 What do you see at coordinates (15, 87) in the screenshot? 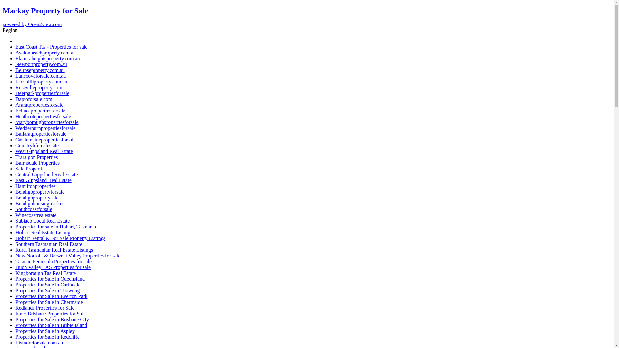
I see `'Rosevilleproperty.com'` at bounding box center [15, 87].